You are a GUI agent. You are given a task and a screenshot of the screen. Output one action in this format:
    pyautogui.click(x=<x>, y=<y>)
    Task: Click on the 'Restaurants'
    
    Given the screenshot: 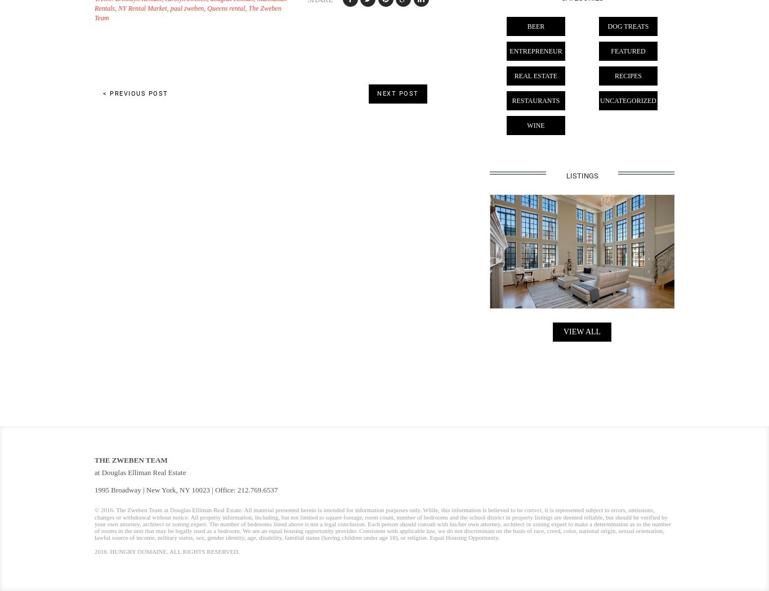 What is the action you would take?
    pyautogui.click(x=535, y=101)
    